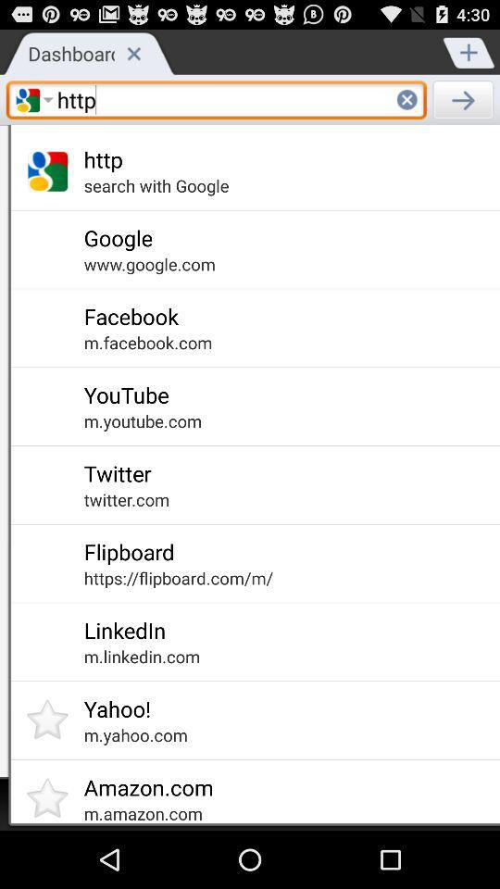 This screenshot has width=500, height=889. Describe the element at coordinates (27, 100) in the screenshot. I see `the first google icon in search engine` at that location.